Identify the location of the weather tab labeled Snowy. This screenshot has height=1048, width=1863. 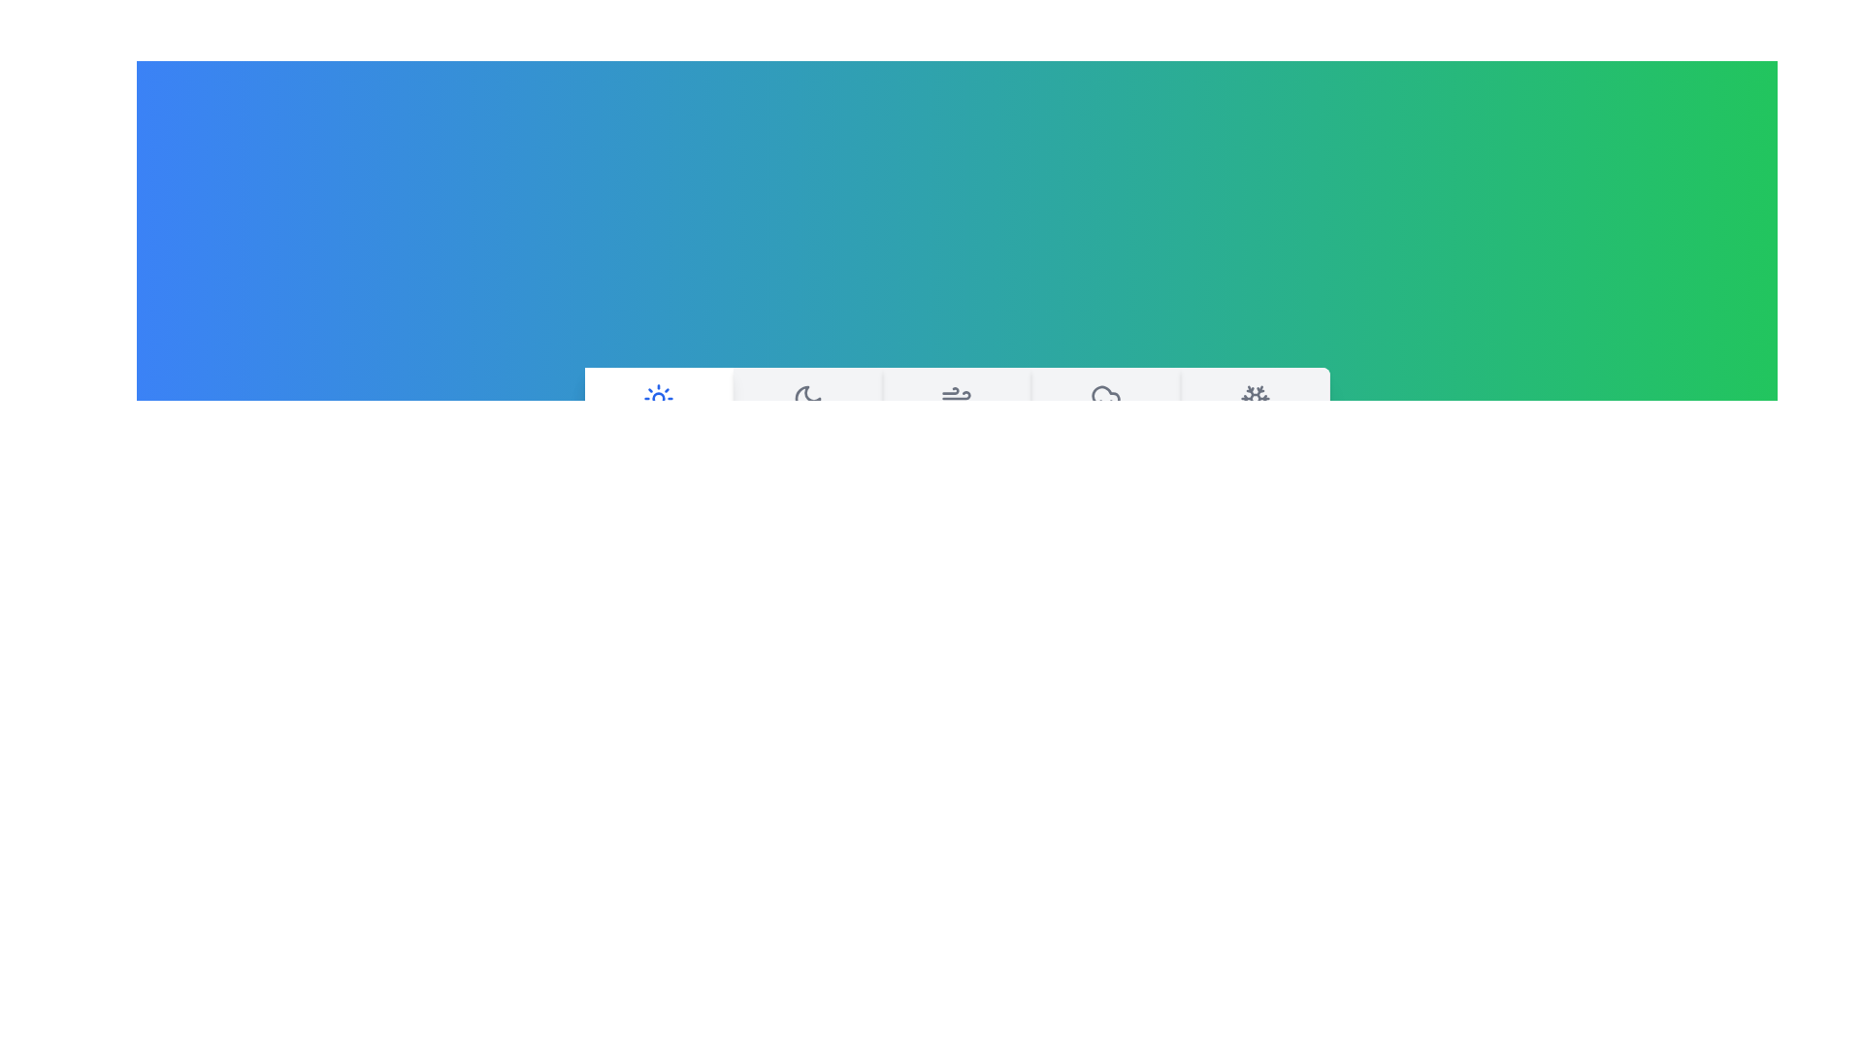
(1255, 417).